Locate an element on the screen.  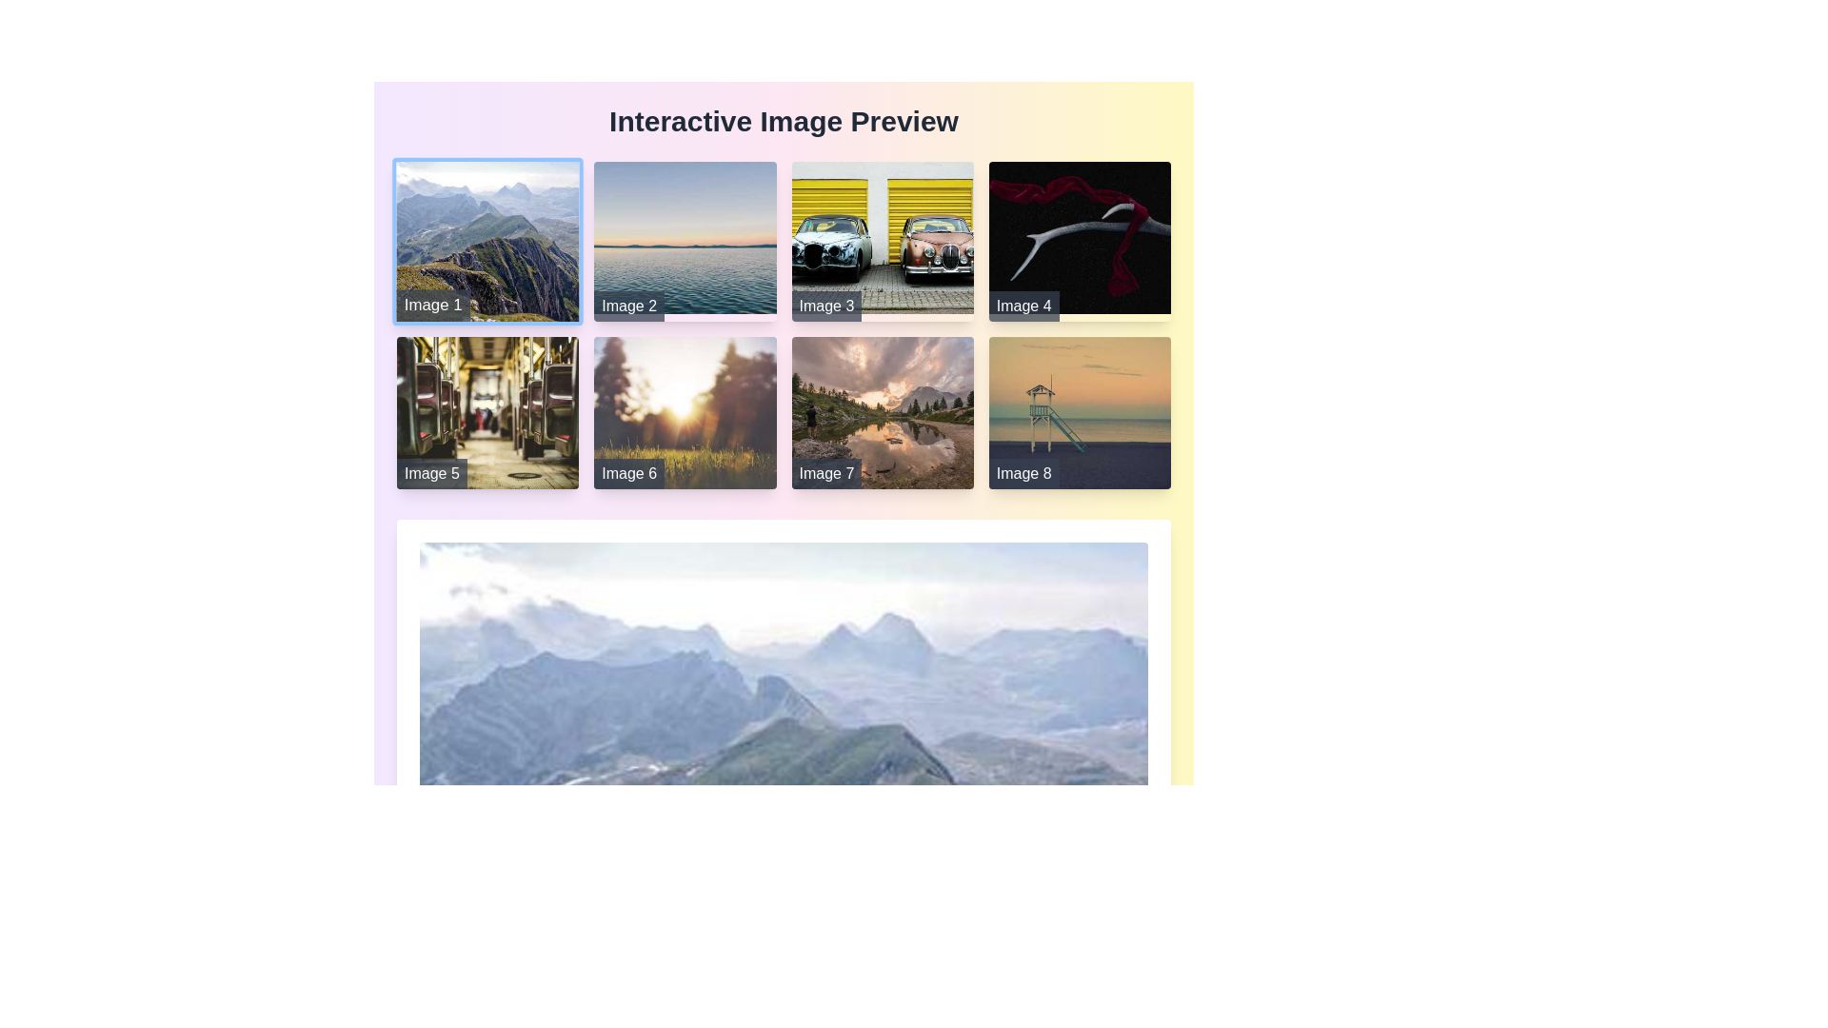
text content of the label displaying 'Image 4' in white font over a semi-transparent dark gray background, positioned at the bottom edge of the image thumbnail in the second row and fourth column of a grid layout is located at coordinates (1023, 305).